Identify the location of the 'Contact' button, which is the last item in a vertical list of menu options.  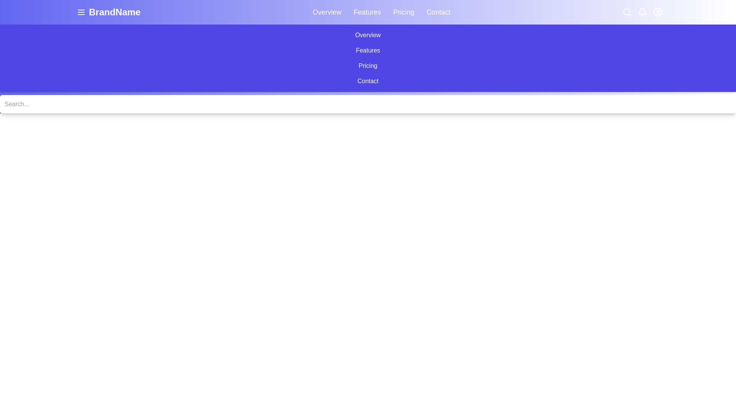
(368, 81).